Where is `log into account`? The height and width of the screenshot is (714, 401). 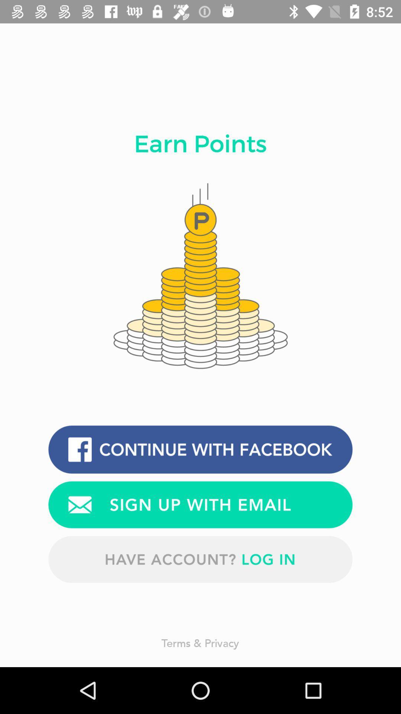
log into account is located at coordinates (200, 559).